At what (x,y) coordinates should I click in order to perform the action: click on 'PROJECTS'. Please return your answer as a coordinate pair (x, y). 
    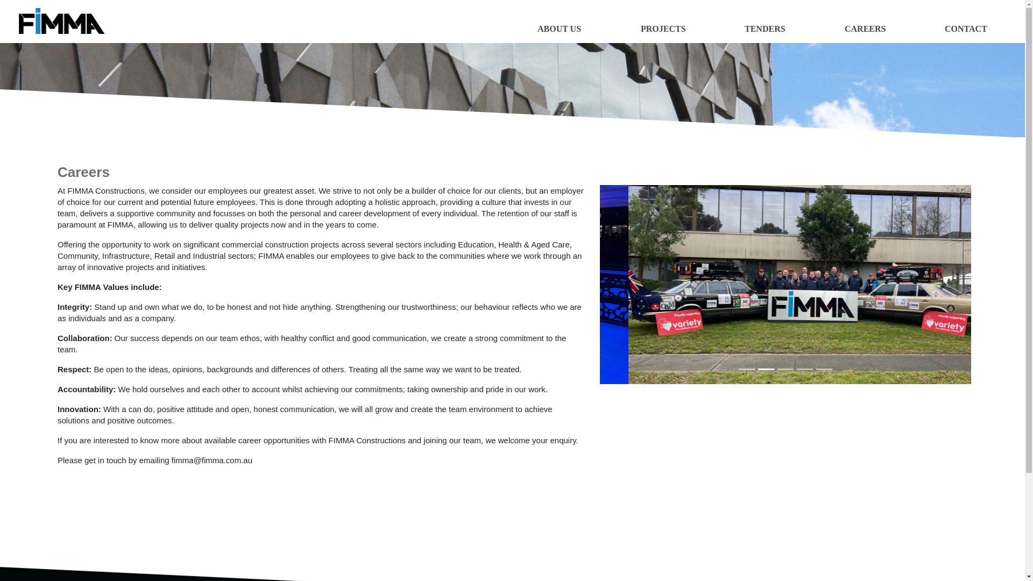
    Looking at the image, I should click on (663, 32).